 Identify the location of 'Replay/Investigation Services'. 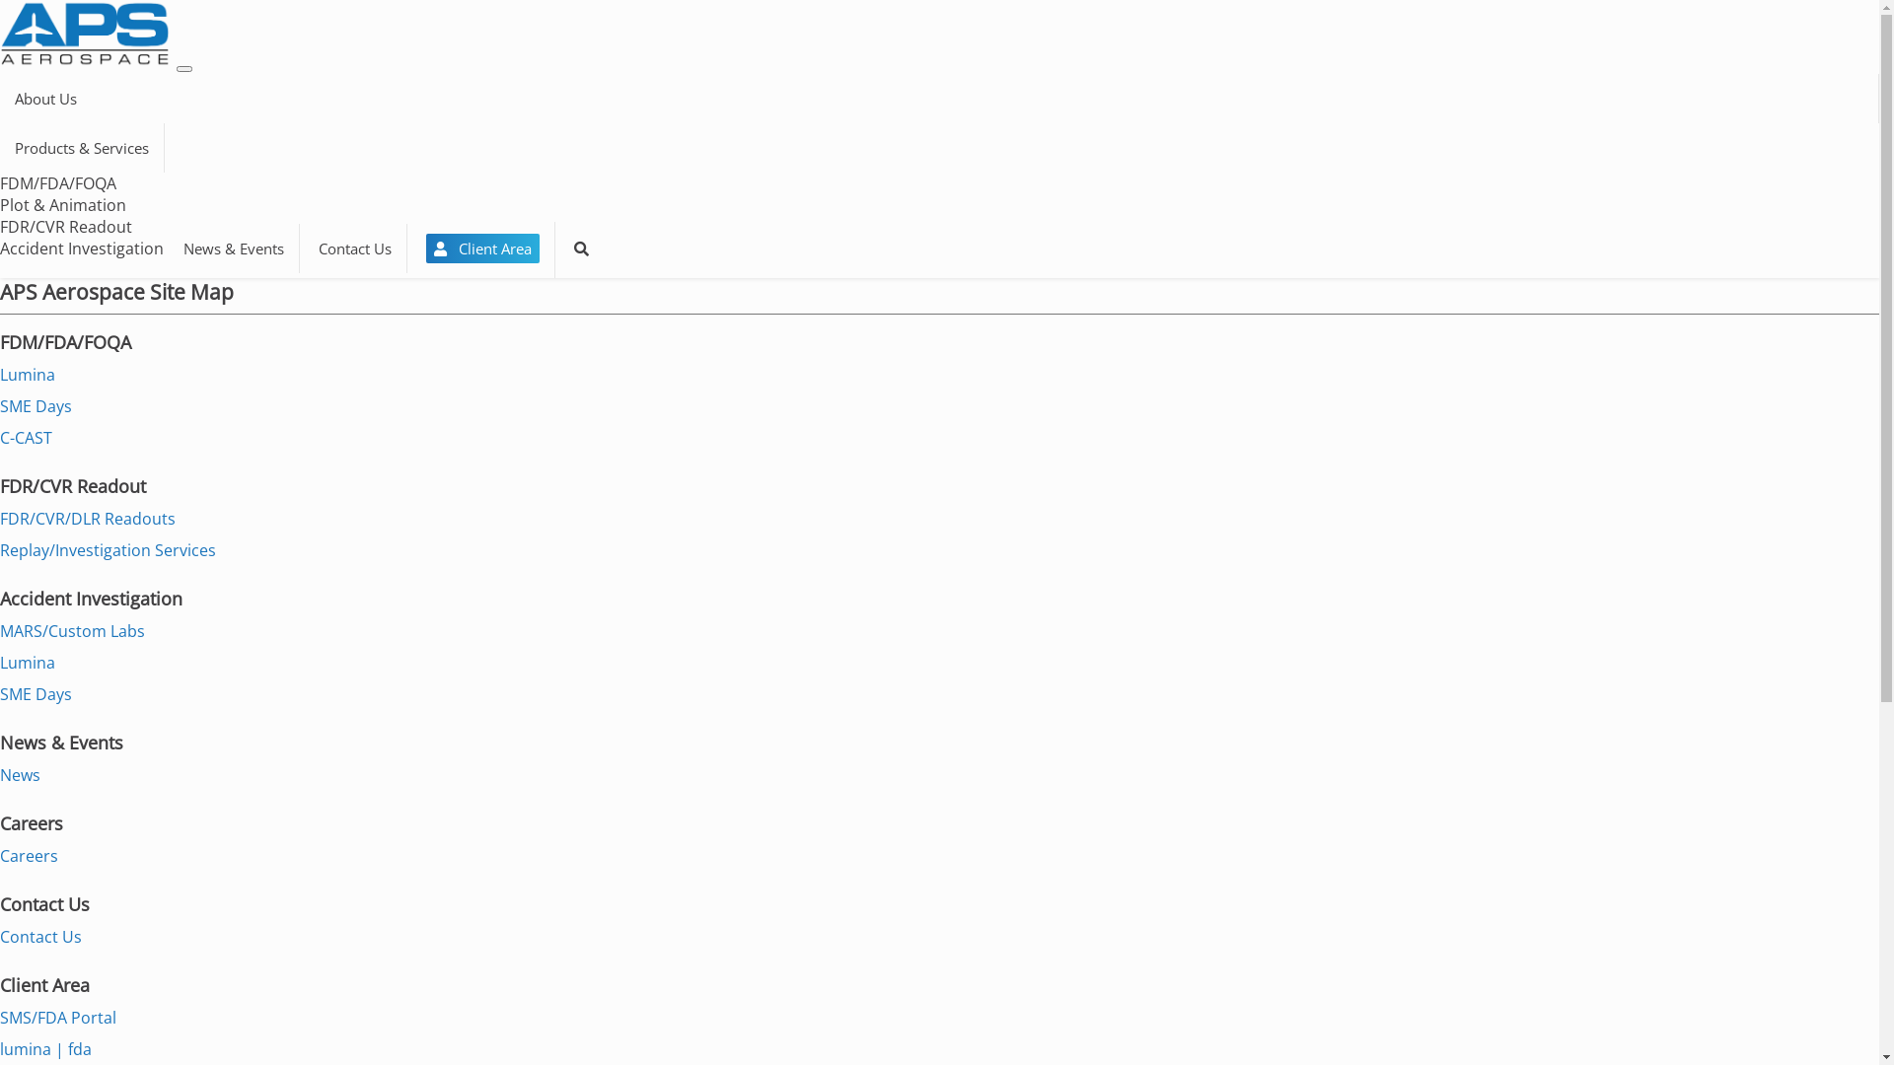
(107, 550).